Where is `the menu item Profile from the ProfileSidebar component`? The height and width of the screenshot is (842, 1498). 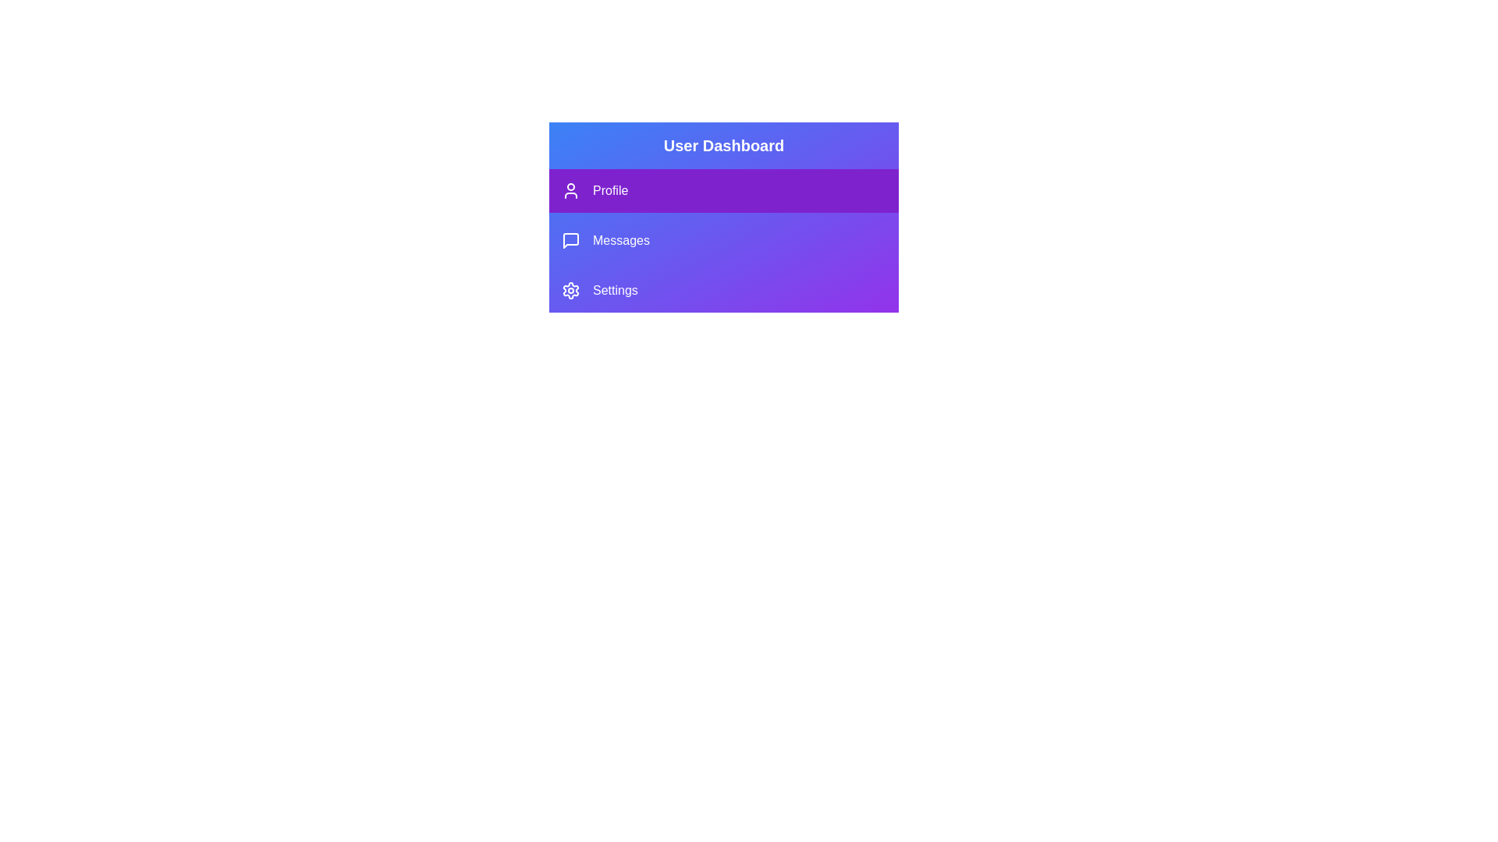 the menu item Profile from the ProfileSidebar component is located at coordinates (722, 190).